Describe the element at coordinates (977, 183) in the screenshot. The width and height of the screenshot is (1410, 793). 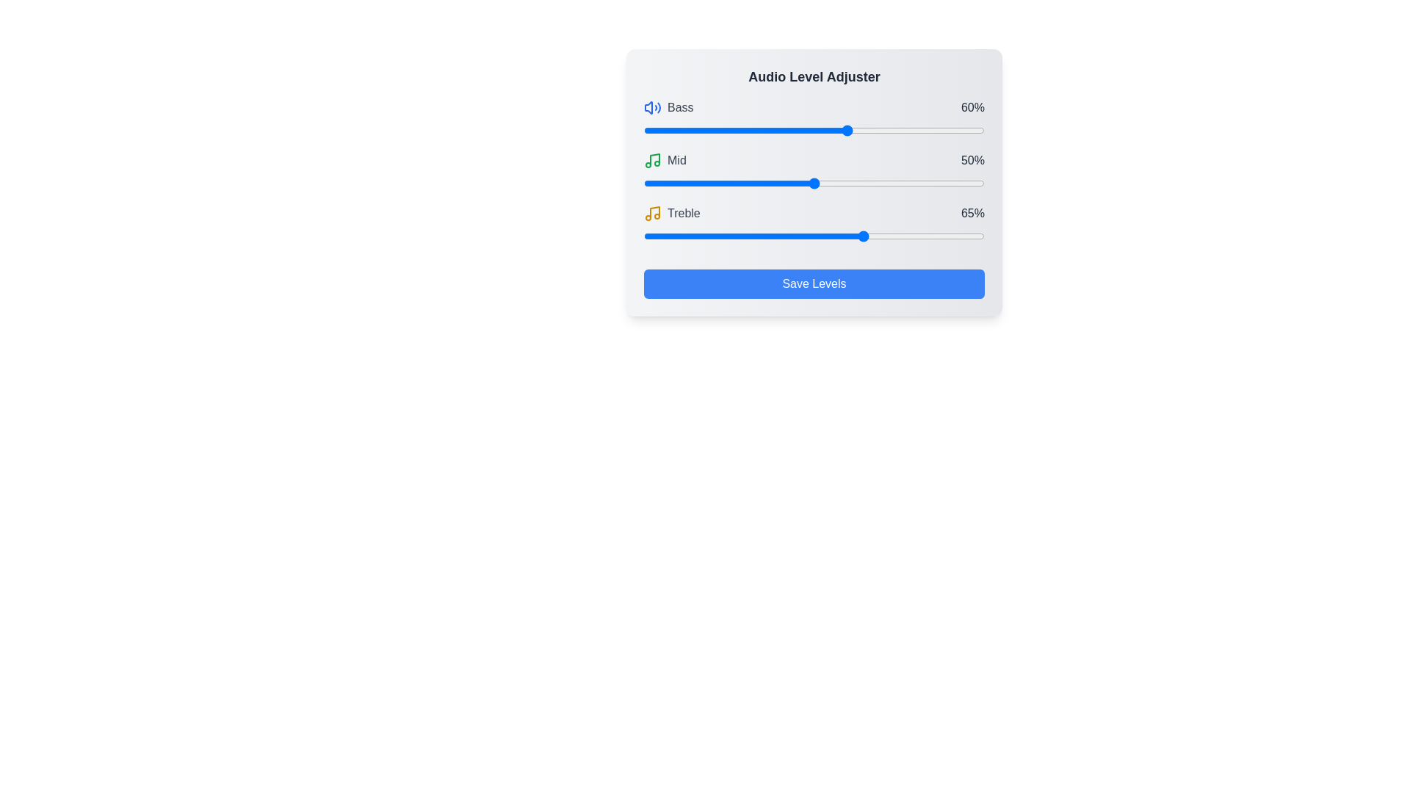
I see `the 'Mid' audio level` at that location.